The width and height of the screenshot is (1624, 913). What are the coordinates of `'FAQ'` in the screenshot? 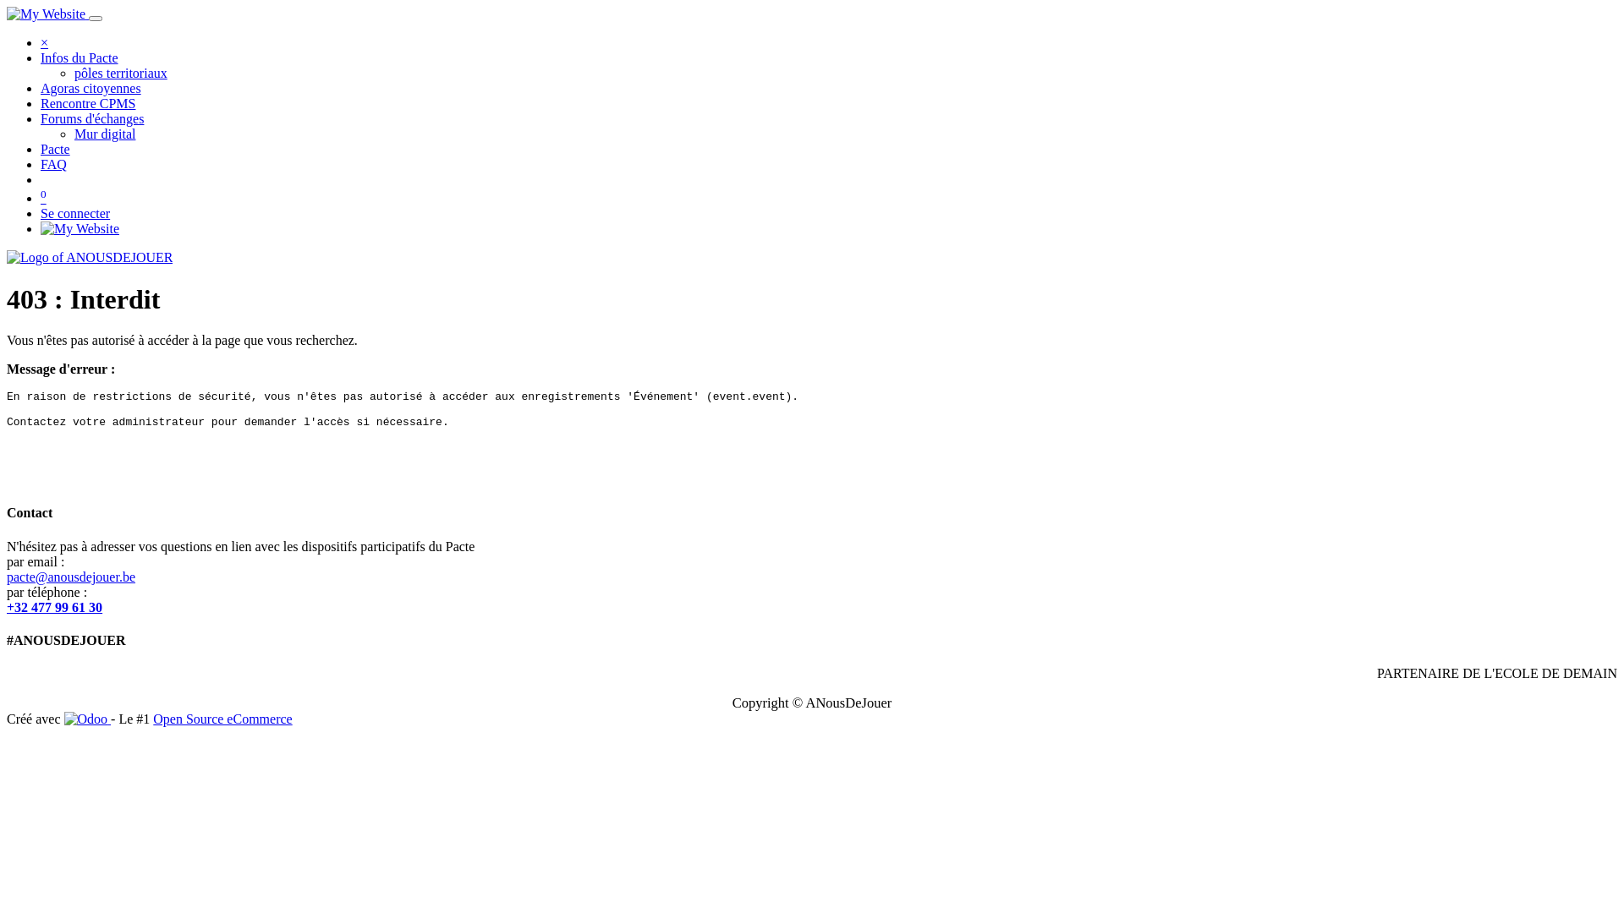 It's located at (53, 164).